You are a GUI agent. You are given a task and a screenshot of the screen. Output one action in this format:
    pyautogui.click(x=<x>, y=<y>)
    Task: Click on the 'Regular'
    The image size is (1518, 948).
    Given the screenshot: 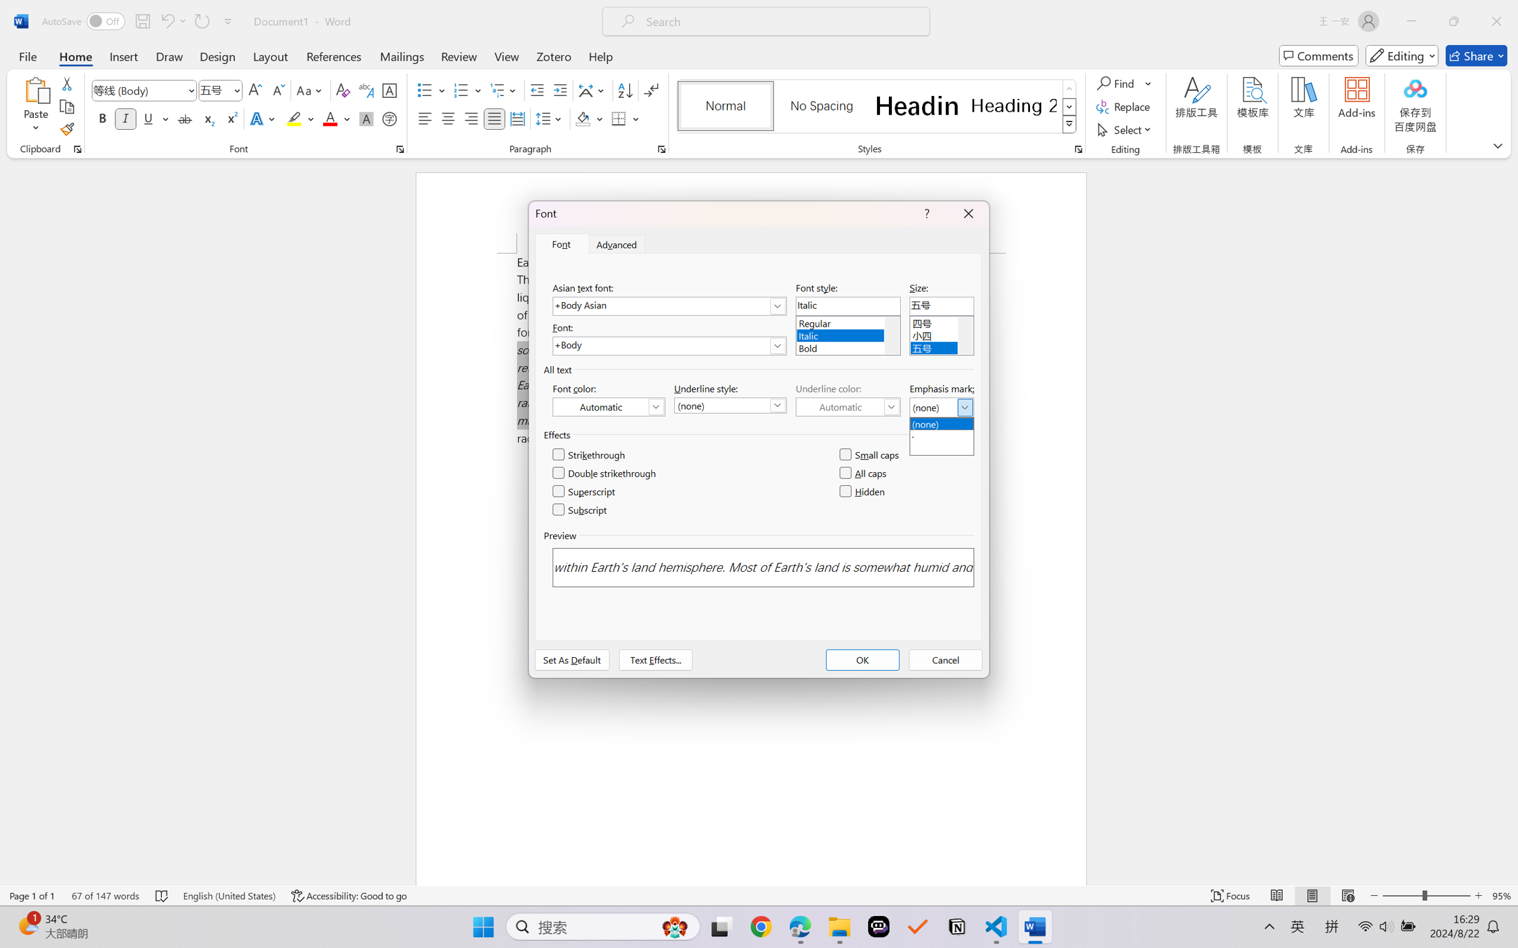 What is the action you would take?
    pyautogui.click(x=847, y=321)
    